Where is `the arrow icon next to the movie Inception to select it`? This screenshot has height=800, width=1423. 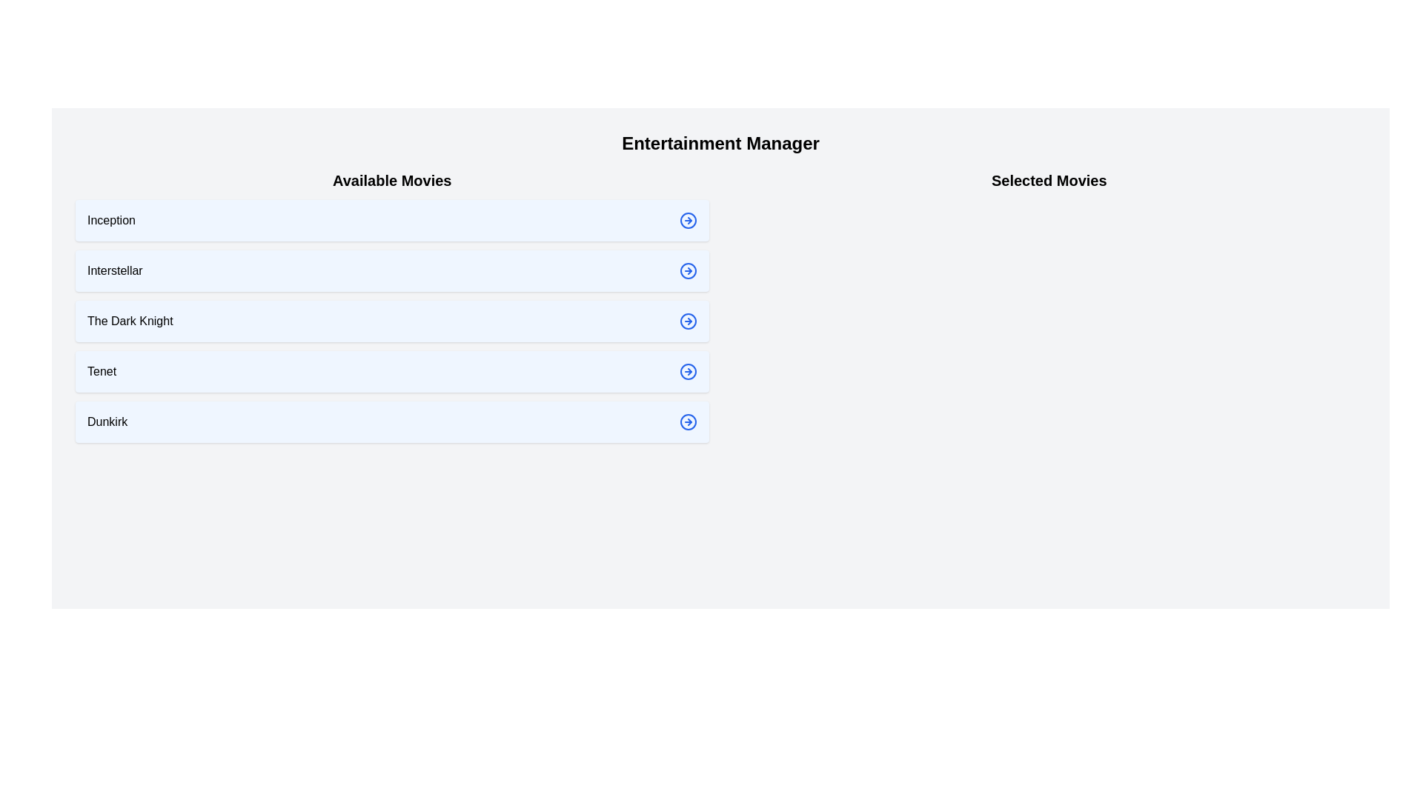
the arrow icon next to the movie Inception to select it is located at coordinates (687, 220).